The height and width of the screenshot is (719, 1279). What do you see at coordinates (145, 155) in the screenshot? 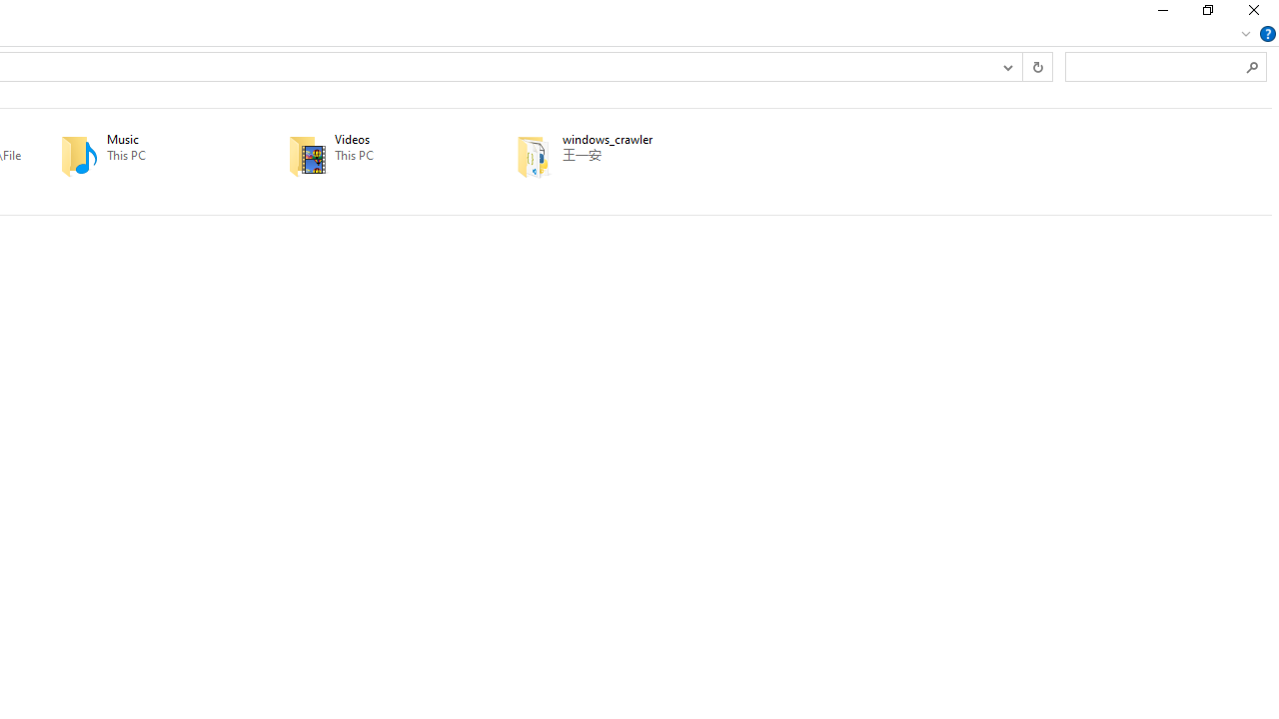
I see `'Music'` at bounding box center [145, 155].